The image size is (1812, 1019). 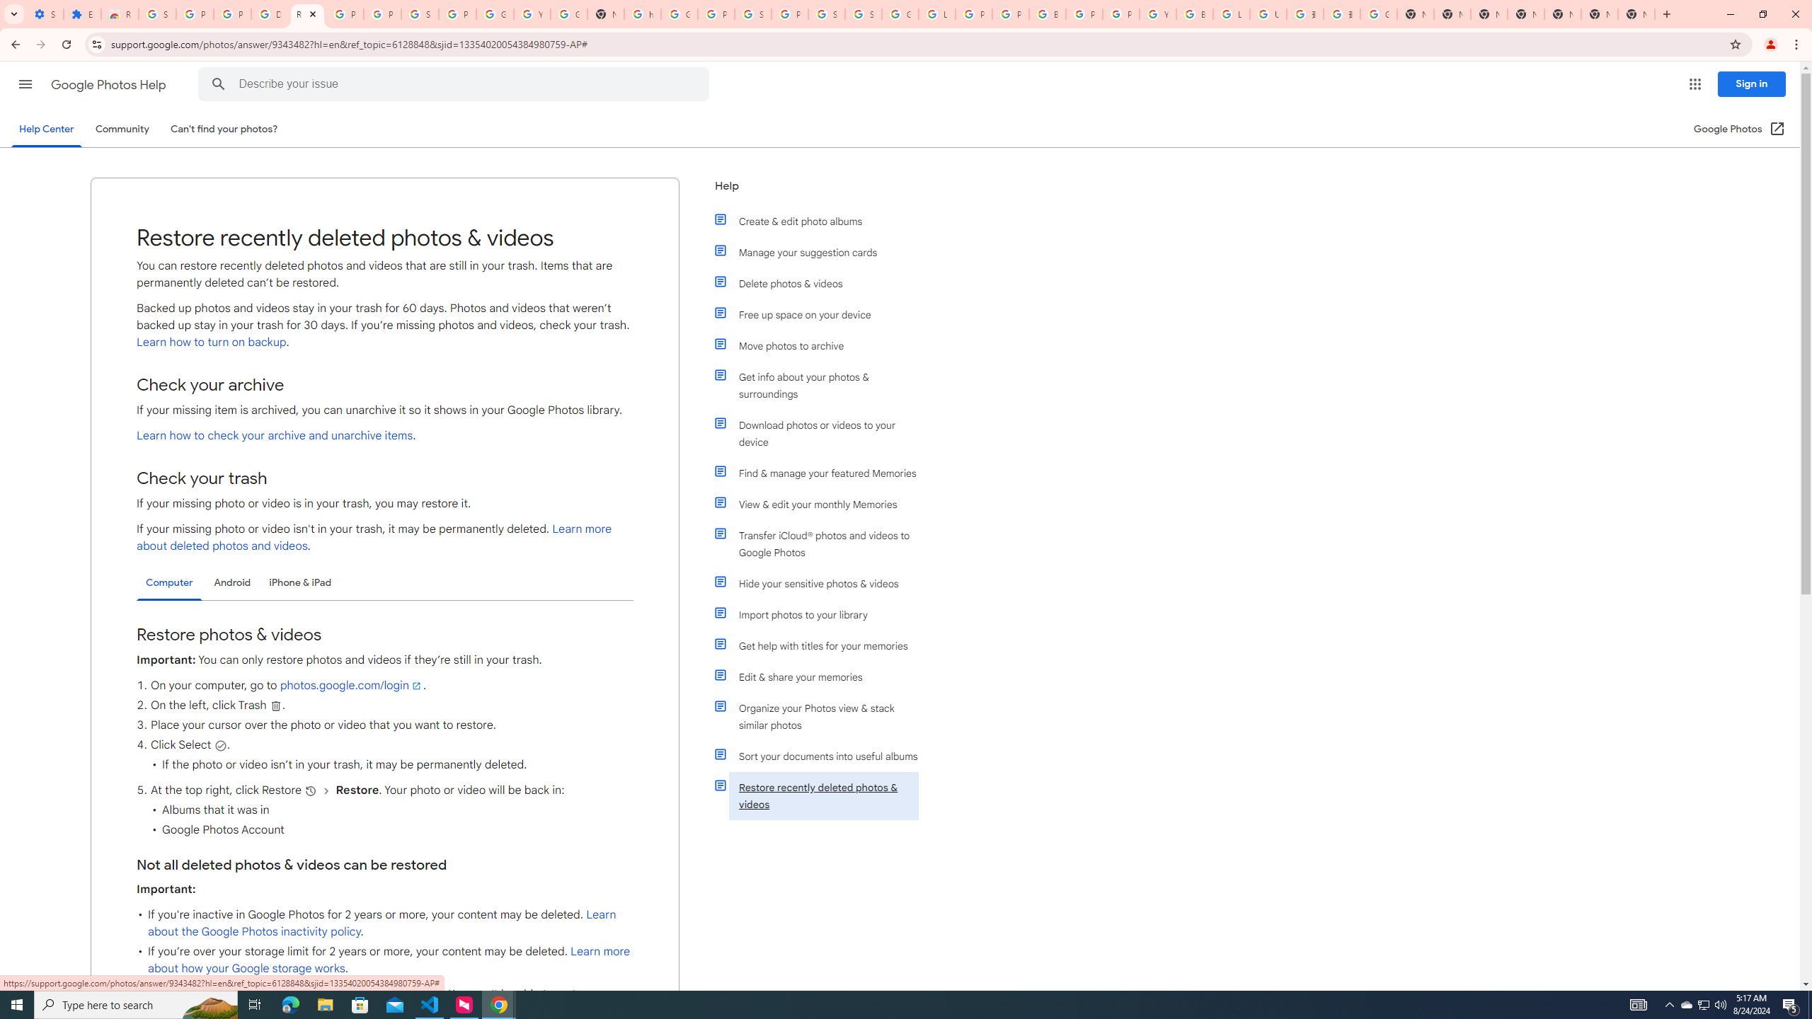 I want to click on 'Extensions', so click(x=81, y=13).